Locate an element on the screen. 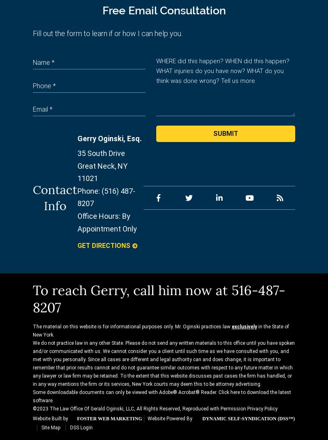 The height and width of the screenshot is (440, 328). 'Foster Web Marketing' is located at coordinates (108, 418).